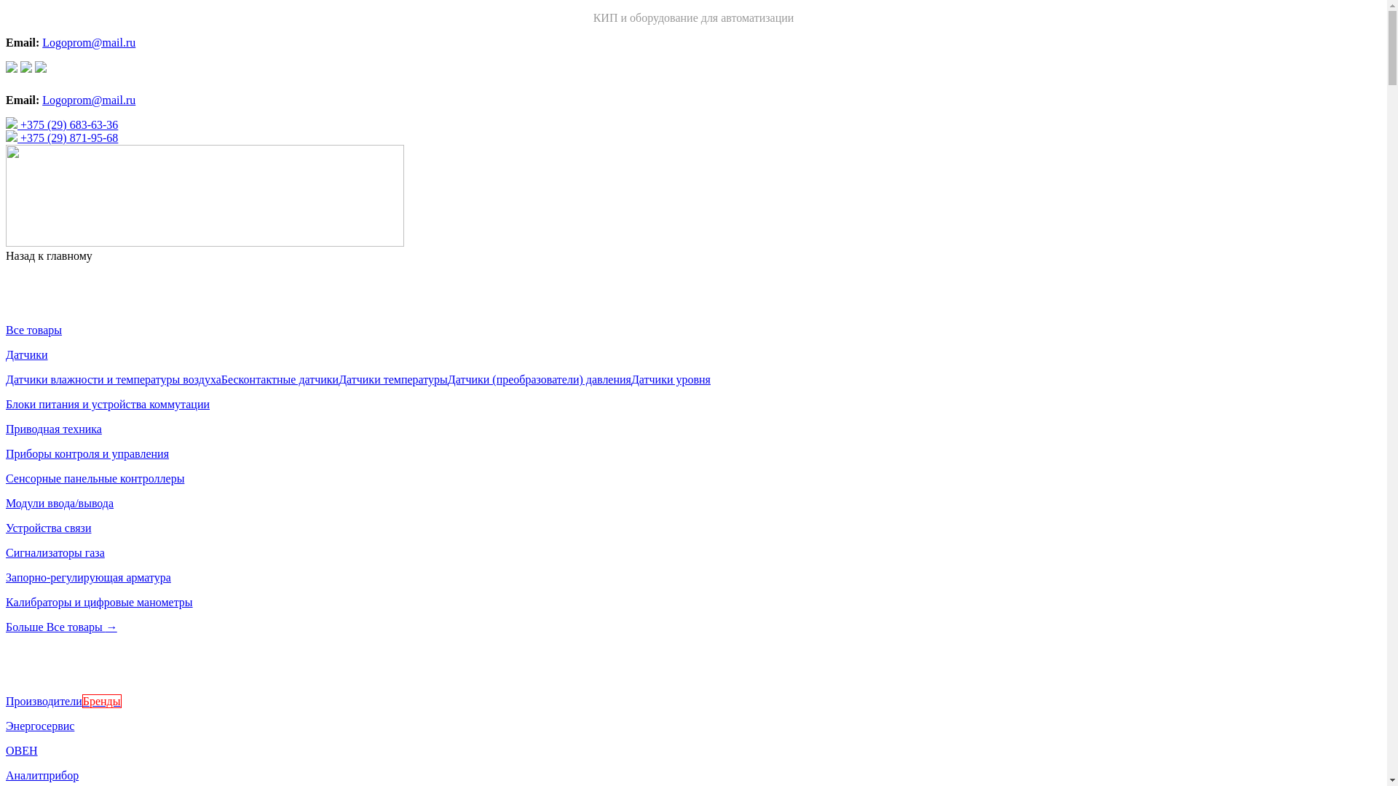  I want to click on 'Logoprom@mail.ru', so click(87, 41).